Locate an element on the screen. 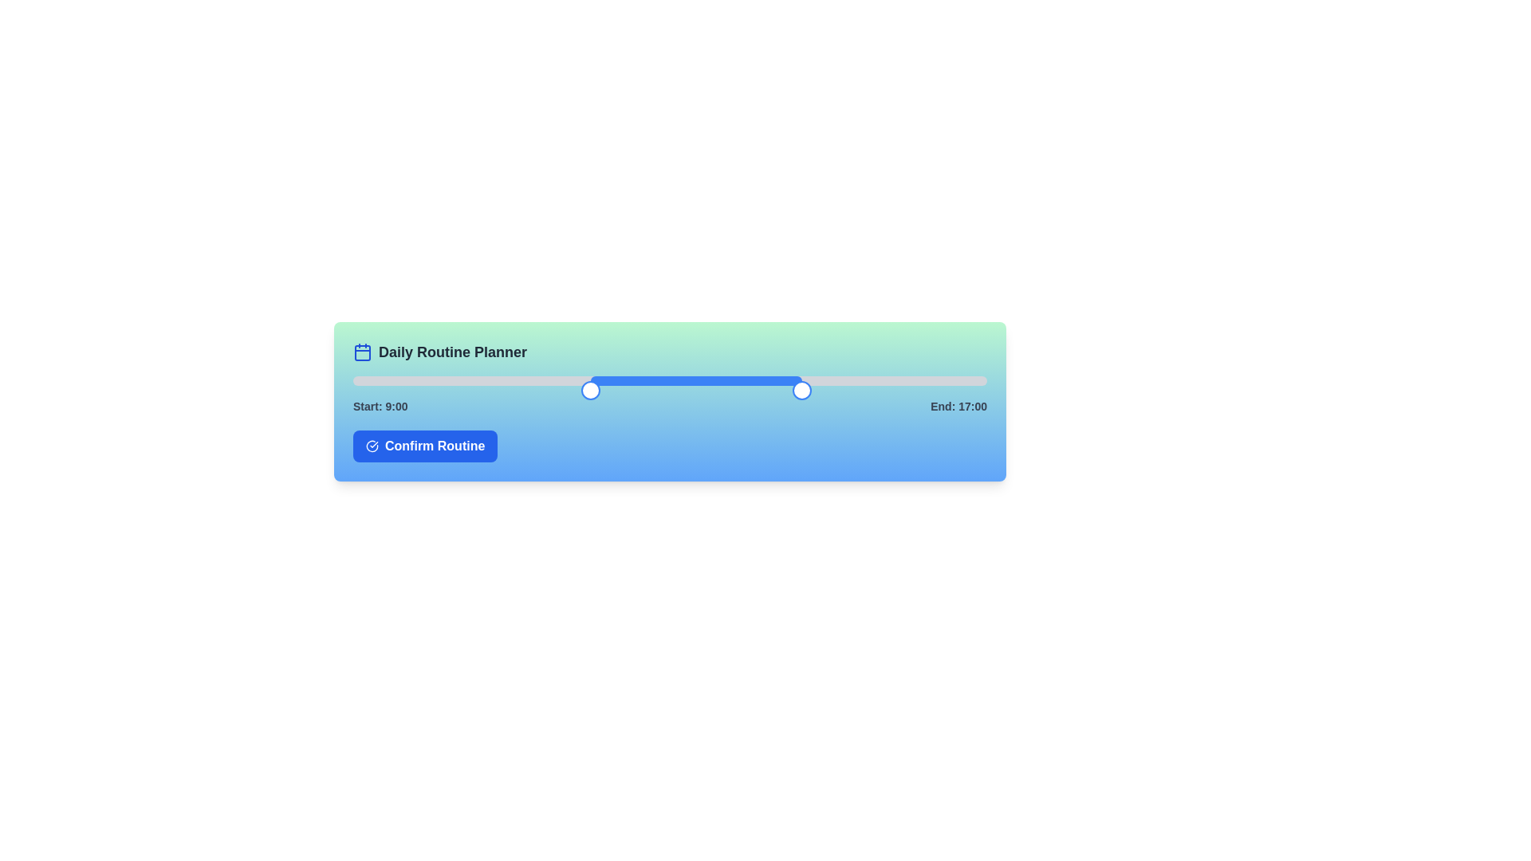 This screenshot has width=1531, height=861. the slider handle is located at coordinates (987, 390).